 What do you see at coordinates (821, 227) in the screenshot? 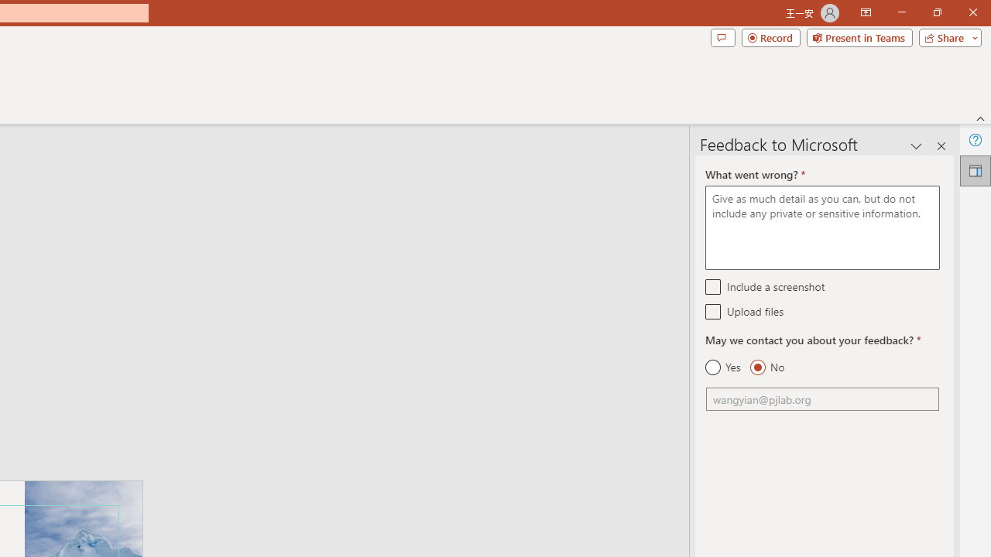
I see `'What went wrong? *'` at bounding box center [821, 227].